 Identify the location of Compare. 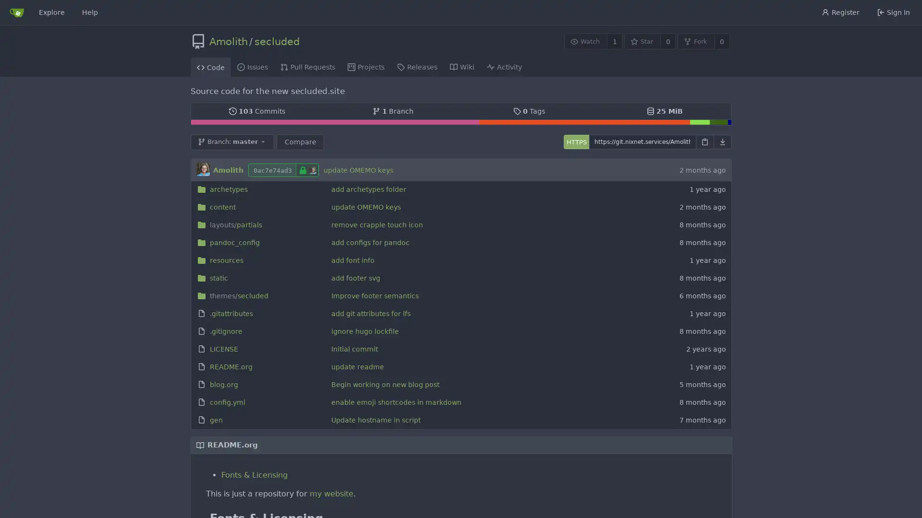
(299, 142).